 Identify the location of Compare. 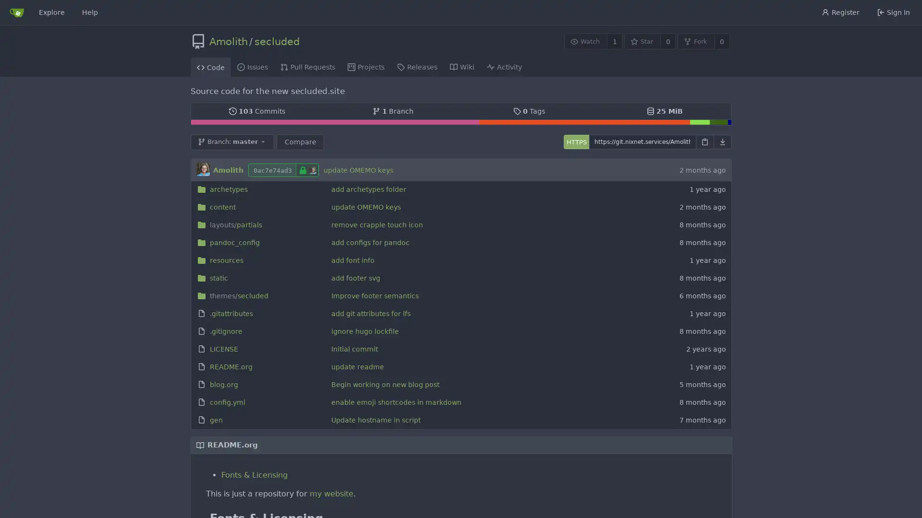
(299, 142).